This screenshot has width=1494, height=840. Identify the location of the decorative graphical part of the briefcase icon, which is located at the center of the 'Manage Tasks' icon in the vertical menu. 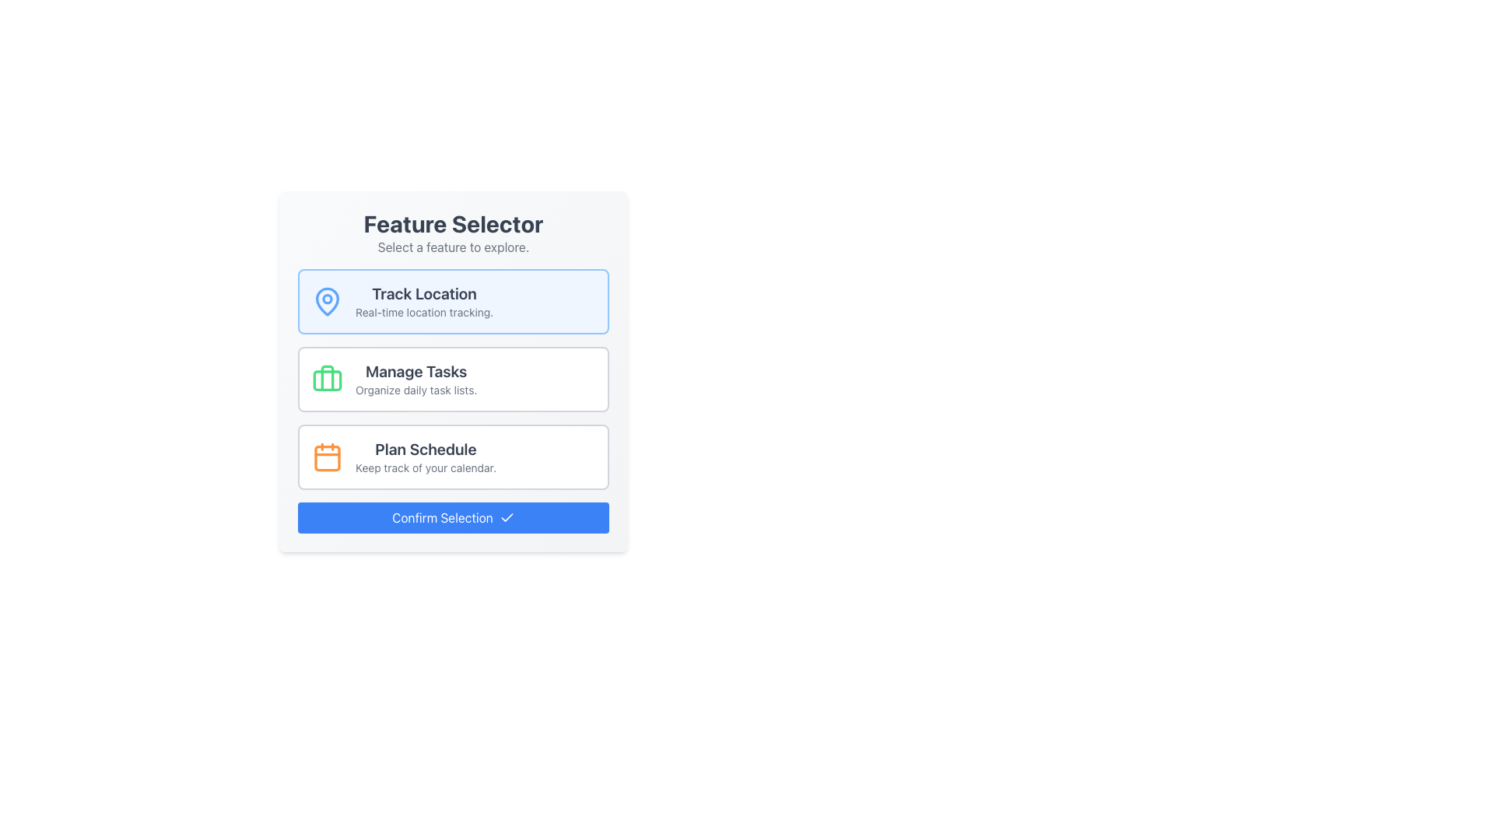
(327, 378).